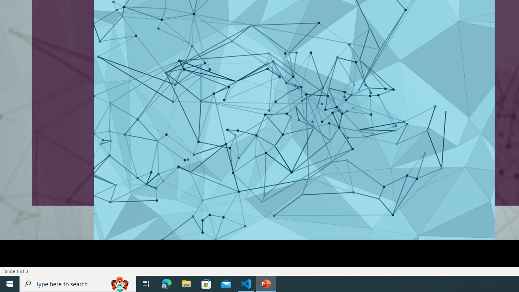  What do you see at coordinates (166, 283) in the screenshot?
I see `'Microsoft Edge'` at bounding box center [166, 283].